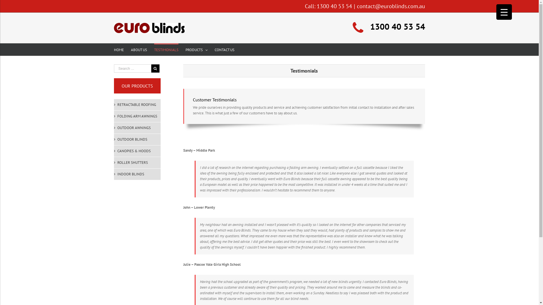 This screenshot has height=305, width=543. Describe the element at coordinates (137, 151) in the screenshot. I see `'CANOPIES & HOODS'` at that location.